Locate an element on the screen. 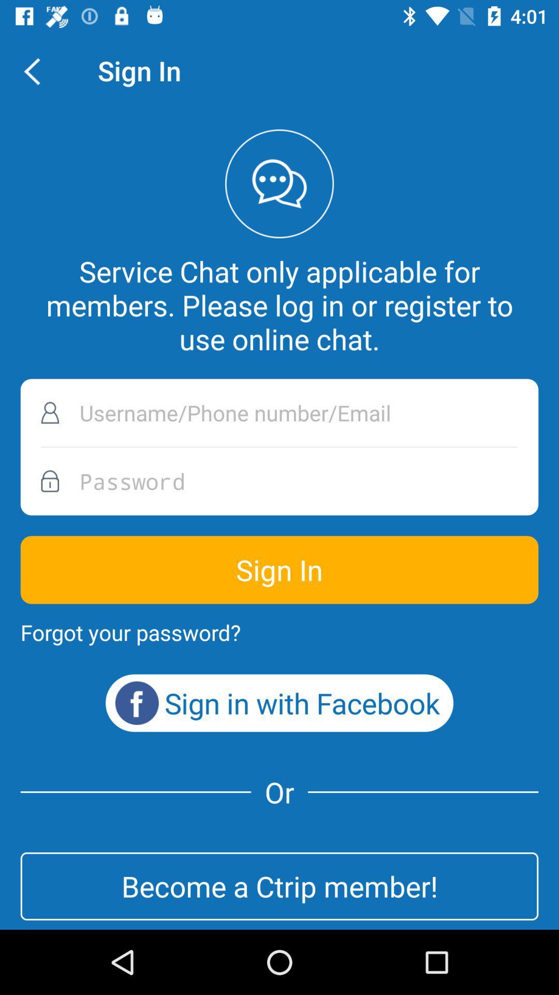 The width and height of the screenshot is (559, 995). the forgot your password? is located at coordinates (130, 632).